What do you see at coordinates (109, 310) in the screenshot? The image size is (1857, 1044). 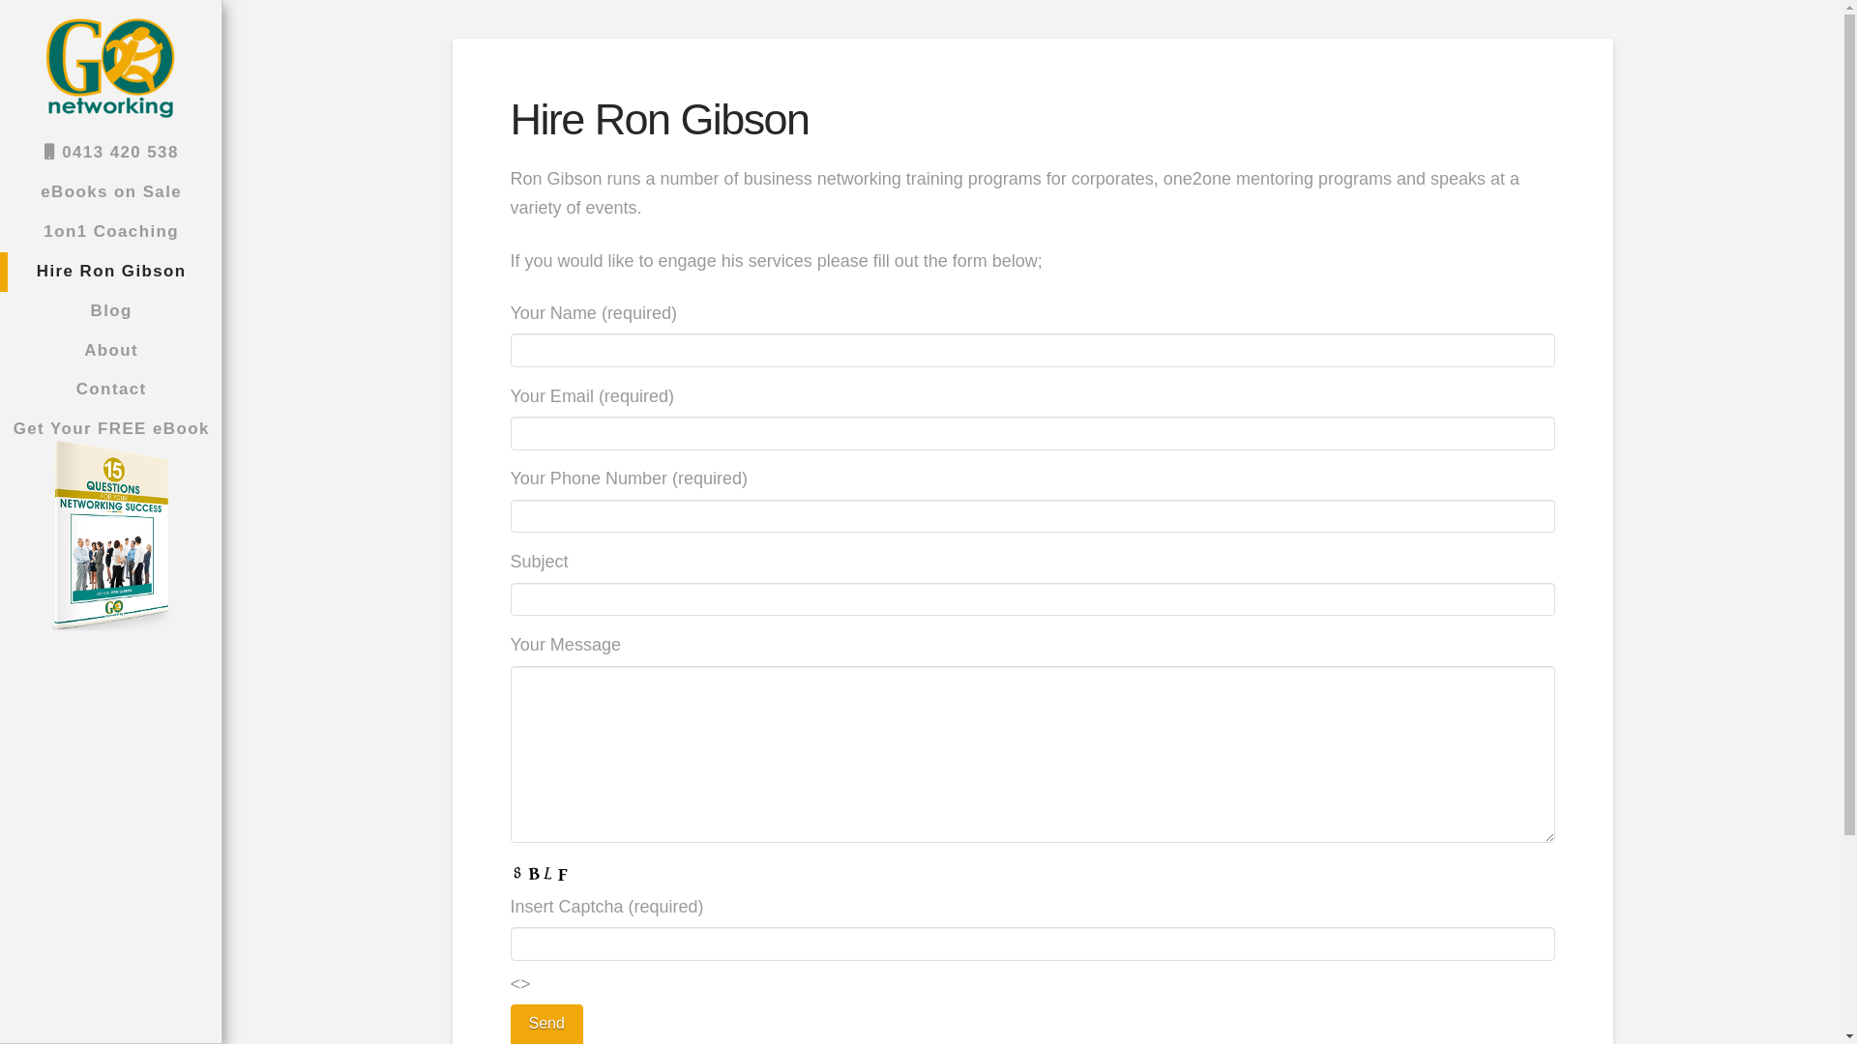 I see `'Blog'` at bounding box center [109, 310].